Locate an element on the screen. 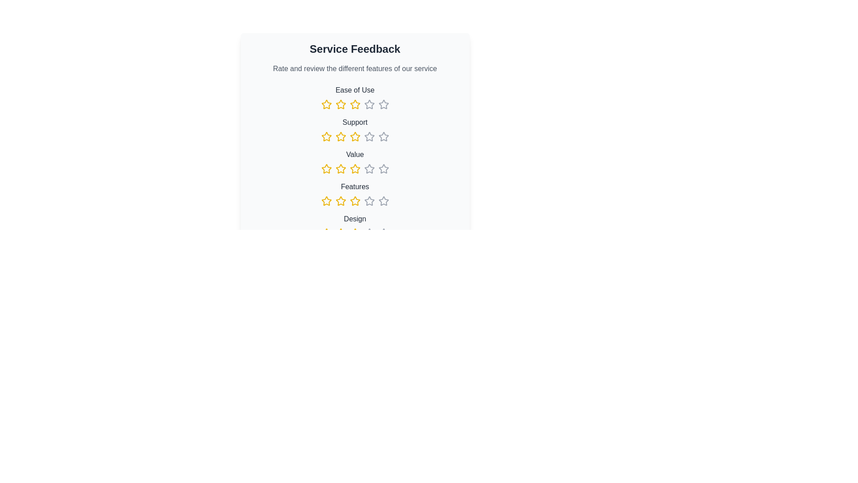 The height and width of the screenshot is (483, 858). the third star icon in the five-point rating scale under the 'Ease of Use' label to set the rating value to three stars is located at coordinates (340, 104).